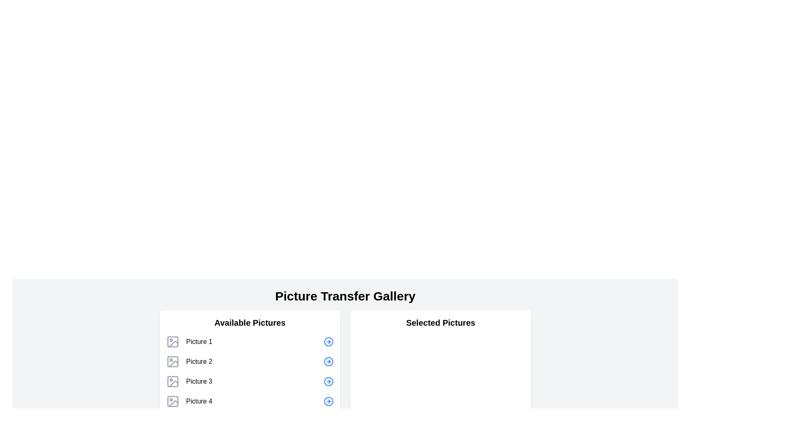 This screenshot has width=796, height=447. What do you see at coordinates (199, 381) in the screenshot?
I see `the label identifying the third picture in the 'Available Pictures' section, located between 'Picture 2' and 'Picture 4'` at bounding box center [199, 381].